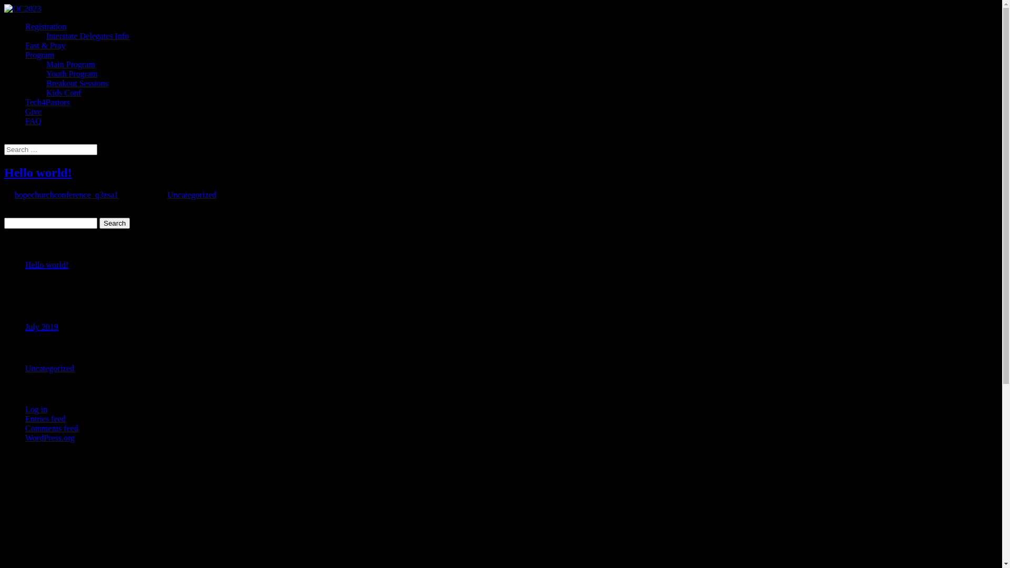 This screenshot has height=568, width=1010. What do you see at coordinates (49, 438) in the screenshot?
I see `'WordPress.org'` at bounding box center [49, 438].